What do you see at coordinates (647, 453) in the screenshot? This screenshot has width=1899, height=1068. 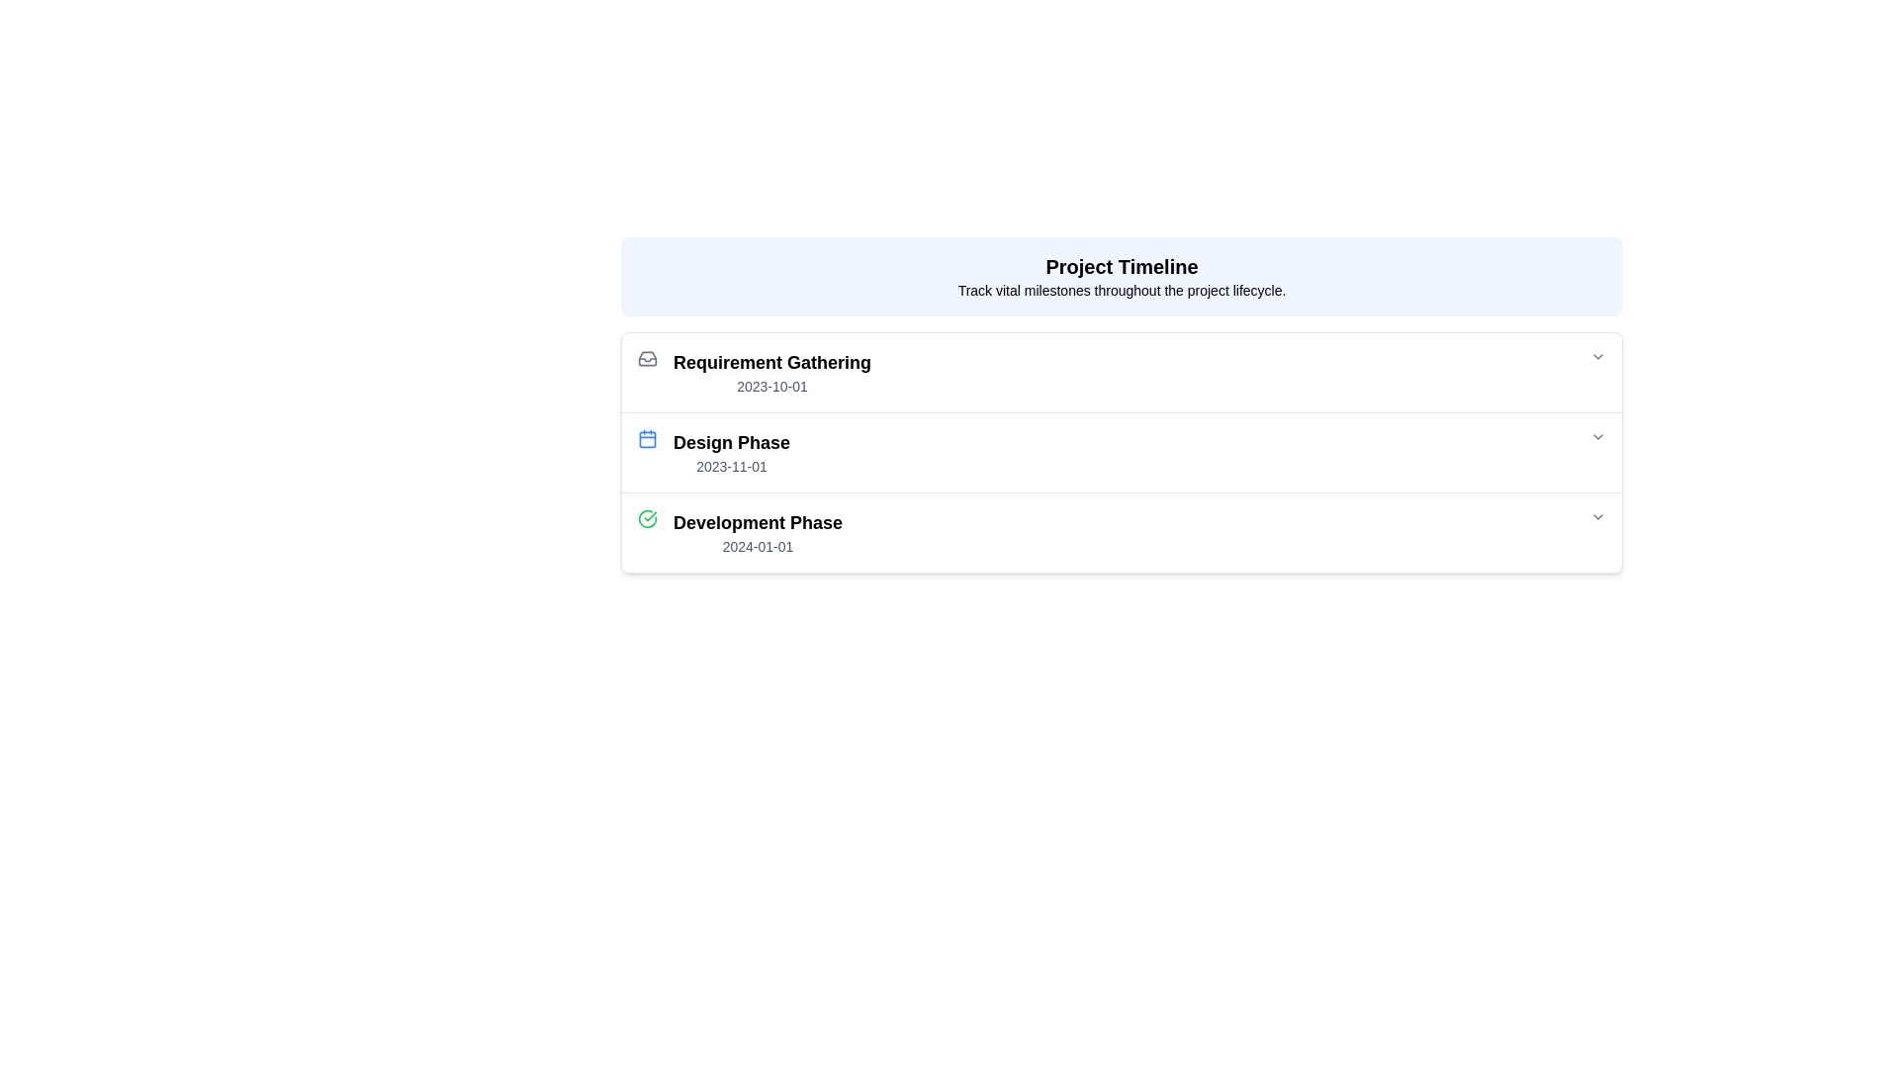 I see `the small blue calendar icon located to the left of the 'Design Phase' title in the project timeline to interact and open associated details` at bounding box center [647, 453].